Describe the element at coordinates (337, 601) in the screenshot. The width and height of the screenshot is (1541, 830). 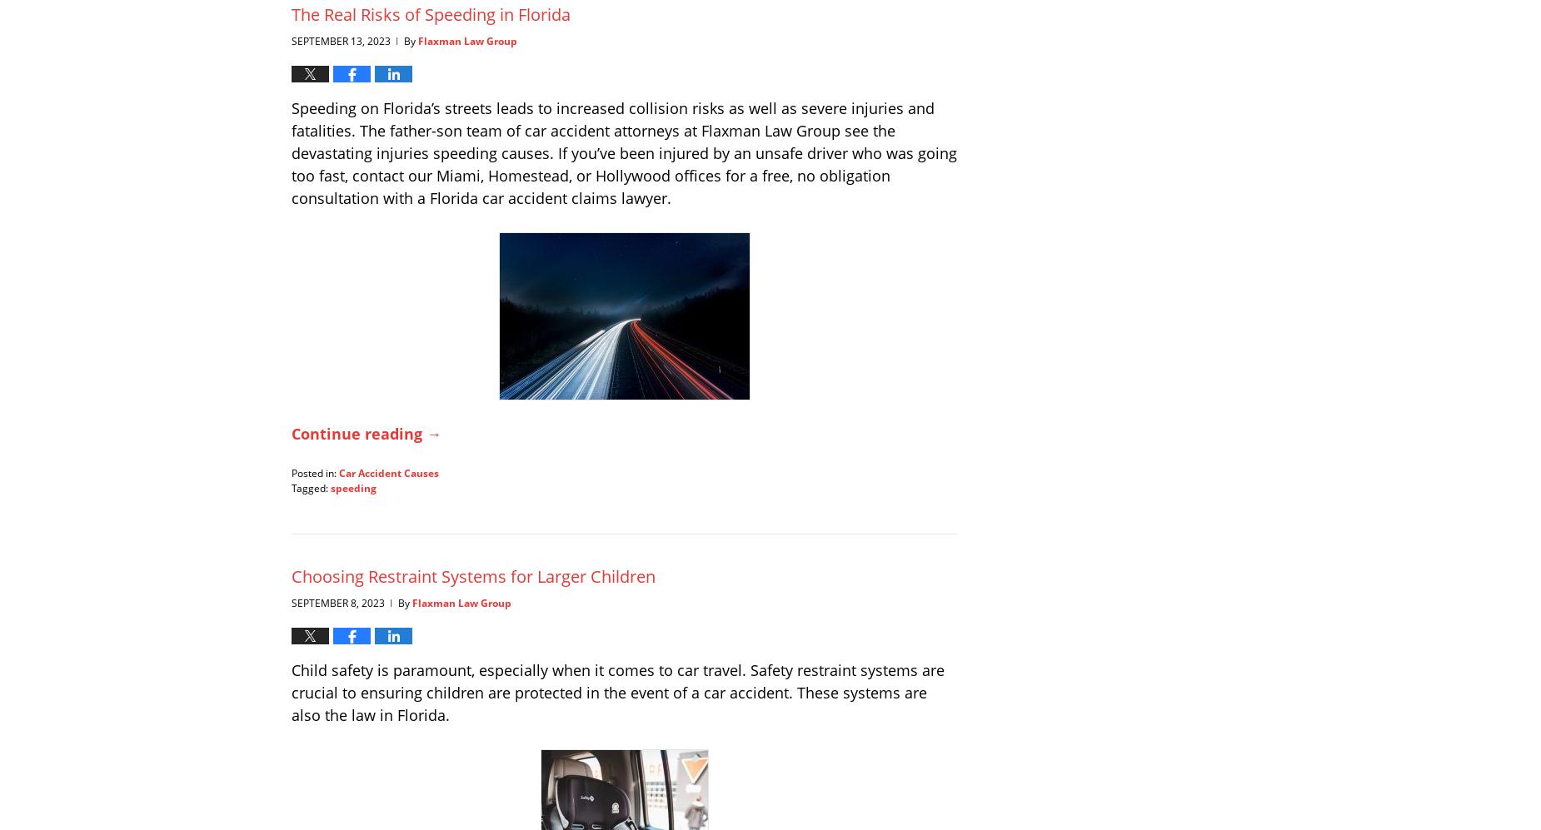
I see `'September 8, 2023'` at that location.